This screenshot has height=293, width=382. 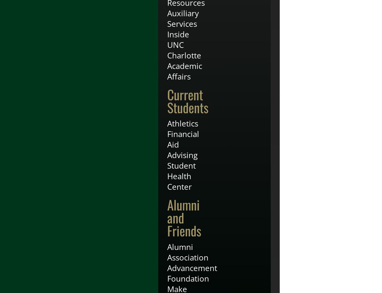 What do you see at coordinates (184, 217) in the screenshot?
I see `'Alumni and Friends'` at bounding box center [184, 217].